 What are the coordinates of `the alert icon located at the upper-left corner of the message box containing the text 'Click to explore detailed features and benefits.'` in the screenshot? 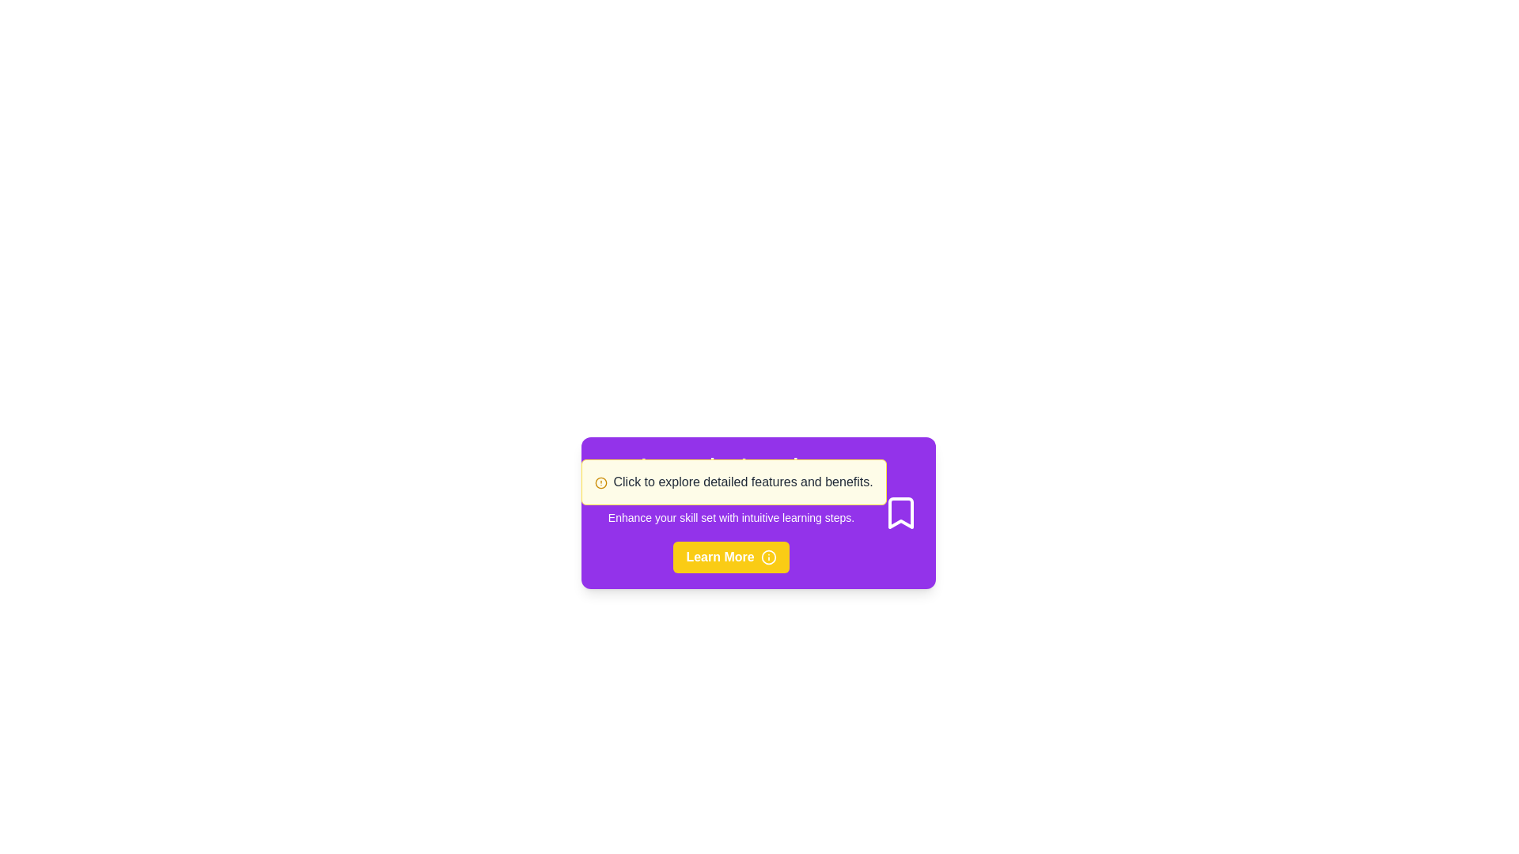 It's located at (600, 482).